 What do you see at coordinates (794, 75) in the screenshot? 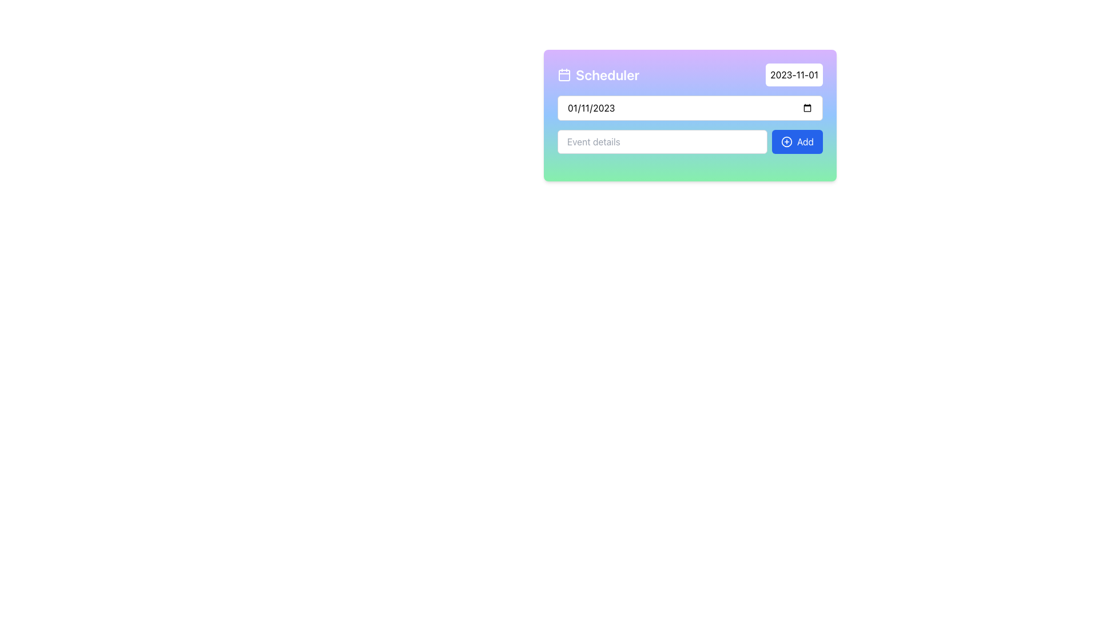
I see `the Label element displaying the date '2023-11-01', which is located at the upper right of the color-gradient banner in the interface` at bounding box center [794, 75].